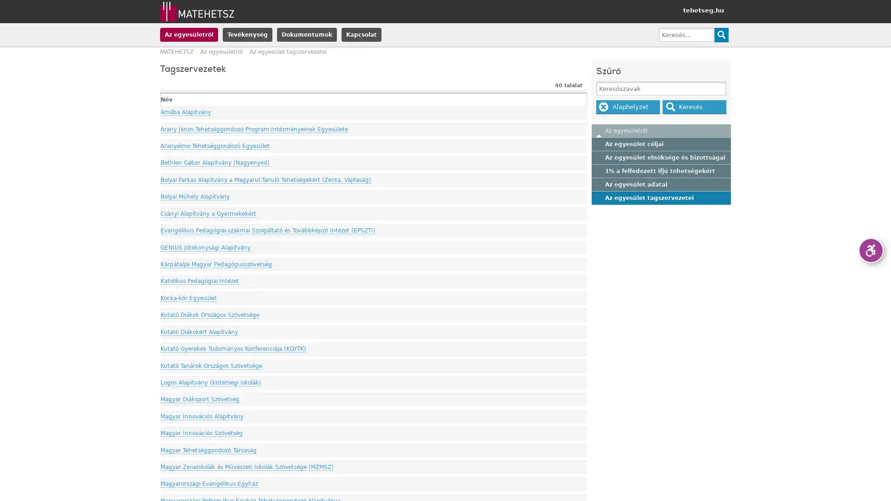 The height and width of the screenshot is (501, 891). Describe the element at coordinates (694, 106) in the screenshot. I see `Kereses` at that location.